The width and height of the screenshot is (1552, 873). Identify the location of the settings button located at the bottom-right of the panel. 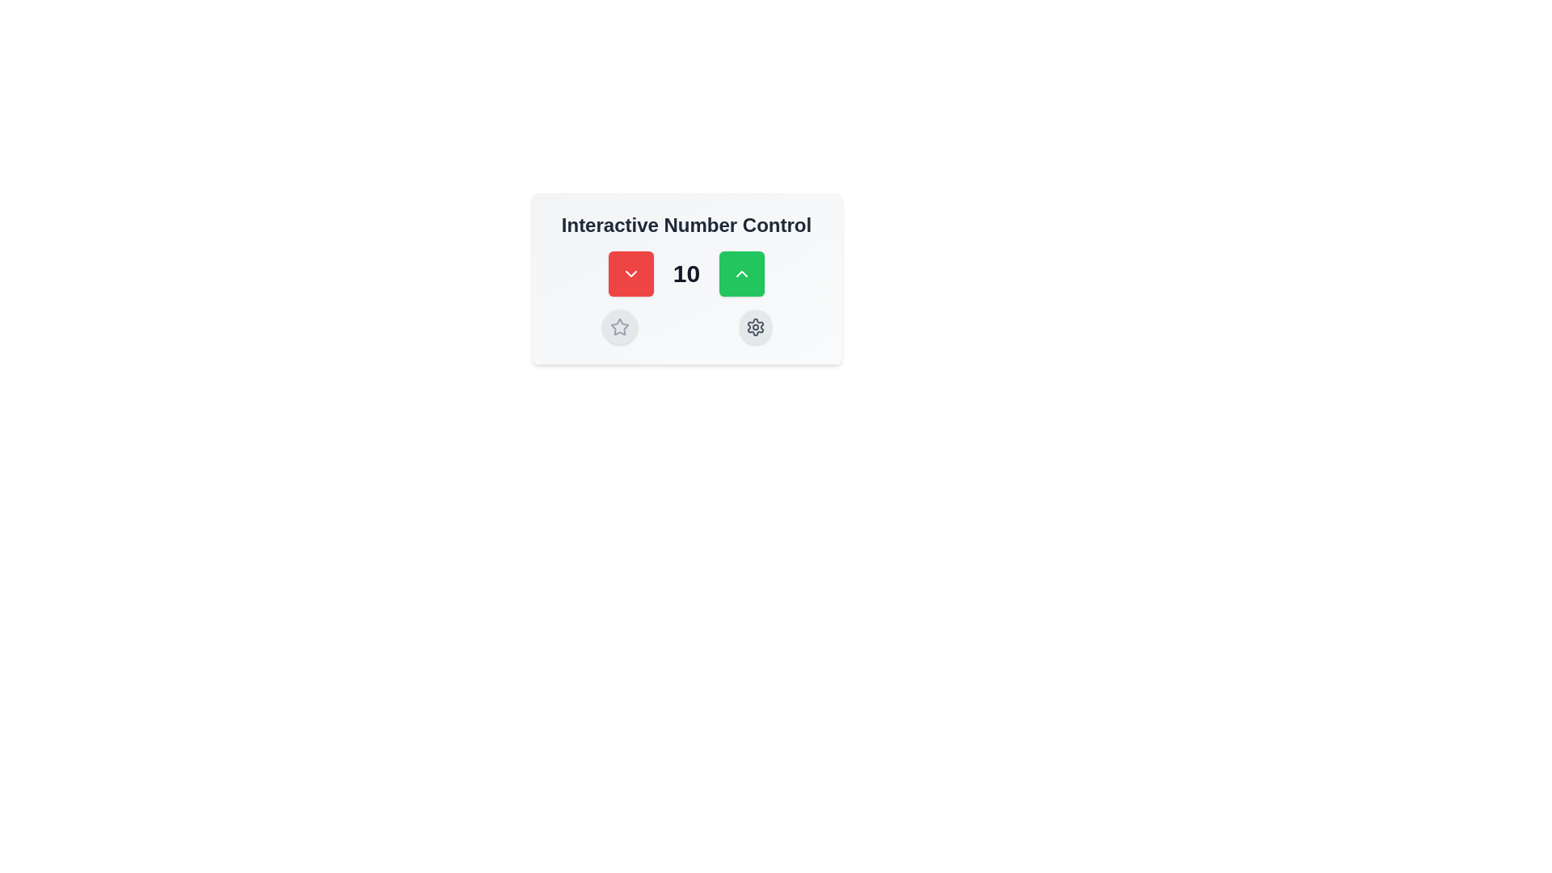
(754, 327).